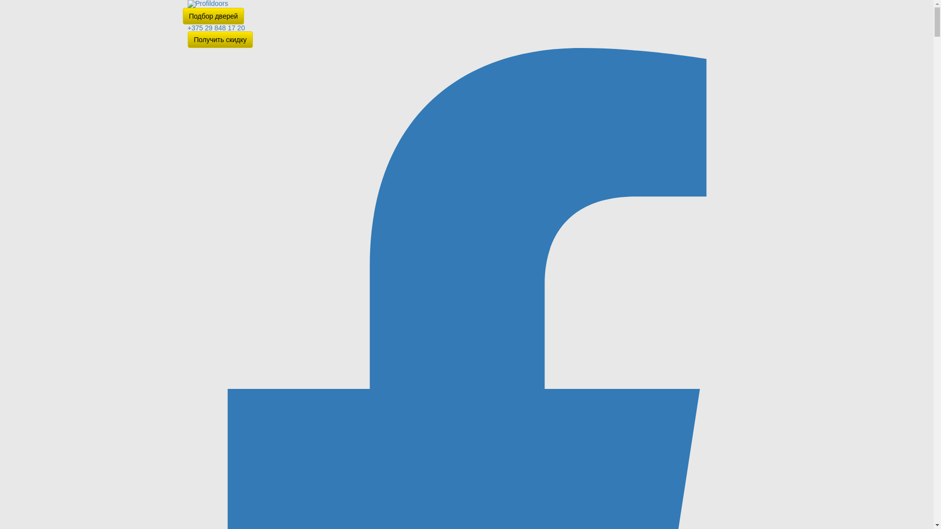 This screenshot has height=529, width=941. What do you see at coordinates (215, 27) in the screenshot?
I see `'+375 29 848 17 20'` at bounding box center [215, 27].